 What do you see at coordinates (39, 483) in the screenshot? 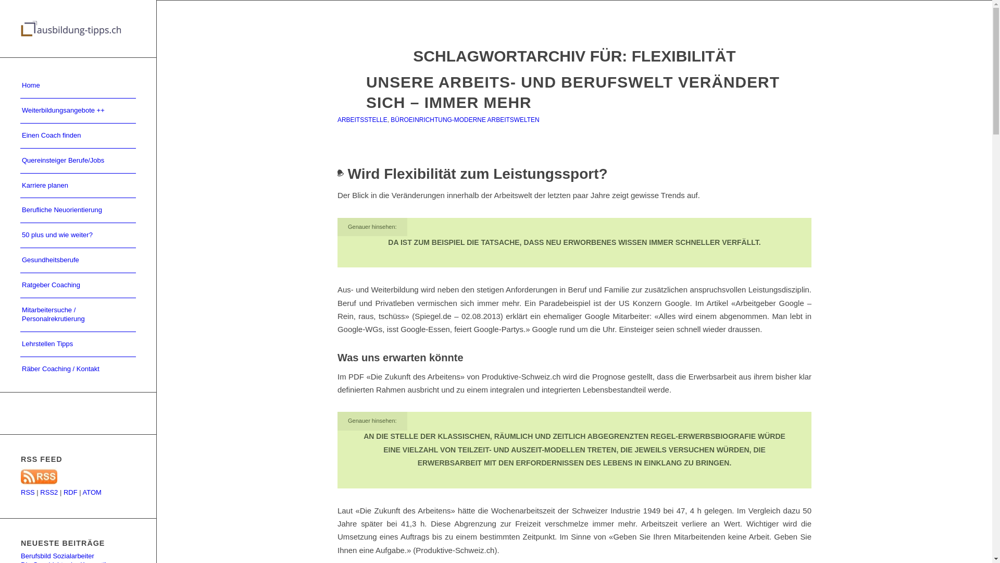
I see `'RSS Feed'` at bounding box center [39, 483].